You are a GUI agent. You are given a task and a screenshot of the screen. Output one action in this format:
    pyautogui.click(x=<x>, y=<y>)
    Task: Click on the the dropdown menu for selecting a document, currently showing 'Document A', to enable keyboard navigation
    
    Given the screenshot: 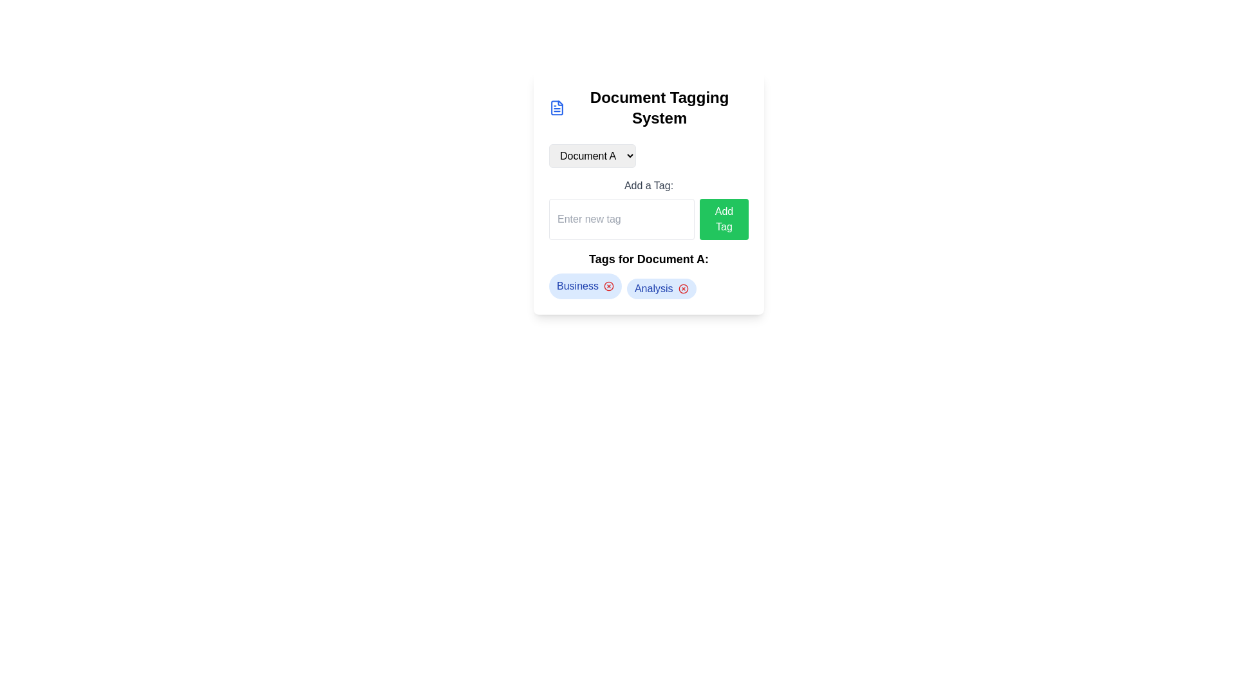 What is the action you would take?
    pyautogui.click(x=592, y=155)
    